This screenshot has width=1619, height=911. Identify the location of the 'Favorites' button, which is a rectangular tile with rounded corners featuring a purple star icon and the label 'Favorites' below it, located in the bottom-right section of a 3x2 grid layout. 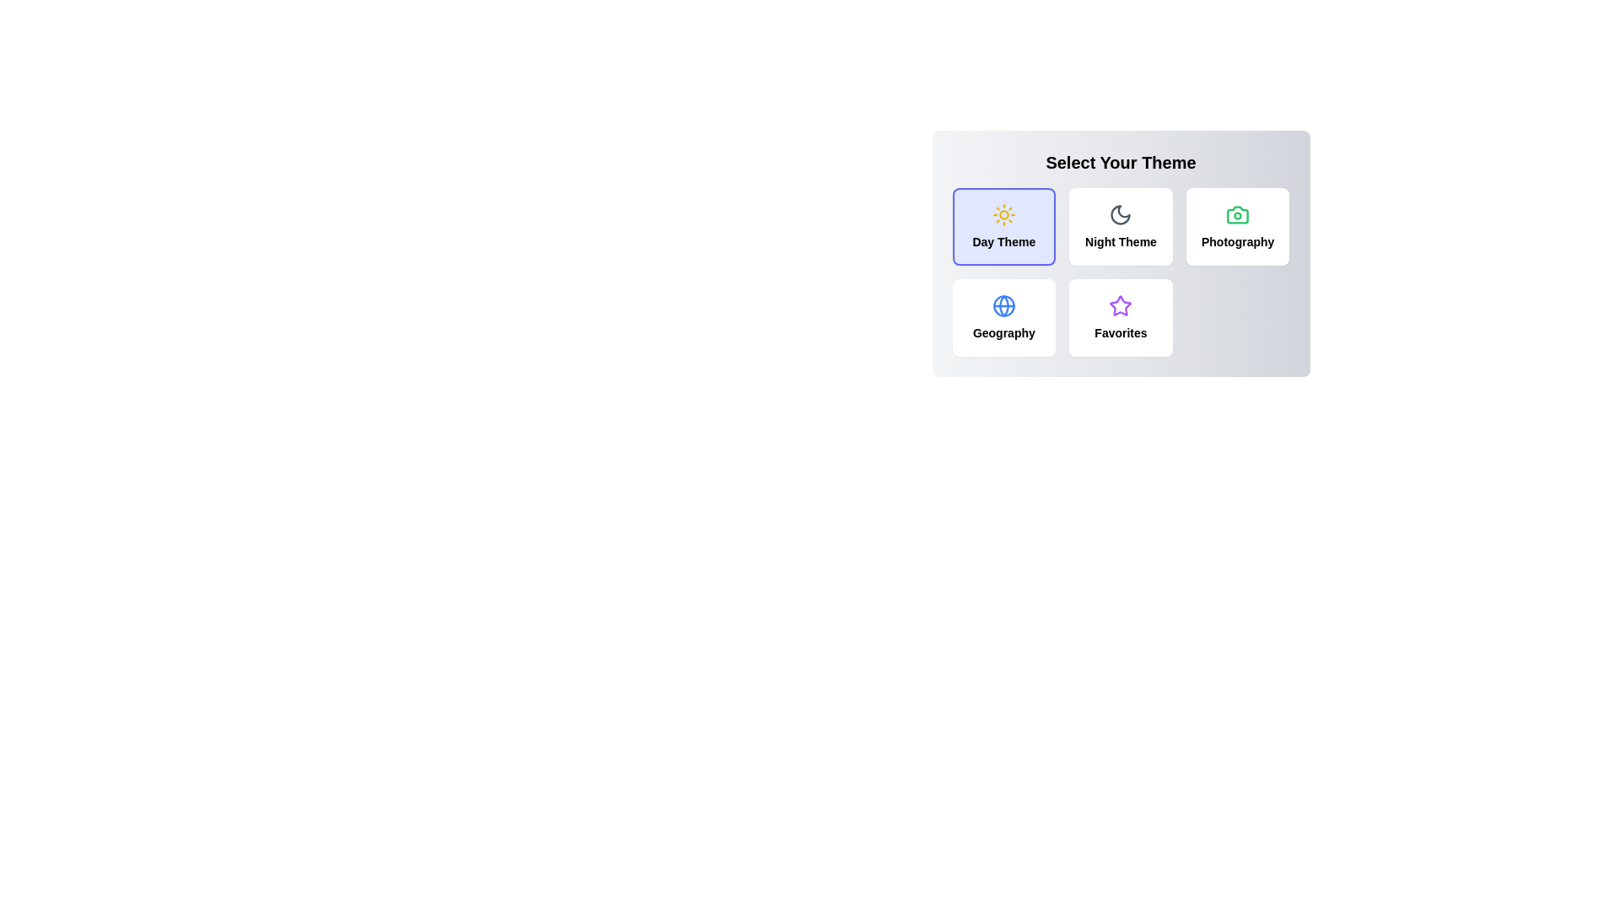
(1121, 318).